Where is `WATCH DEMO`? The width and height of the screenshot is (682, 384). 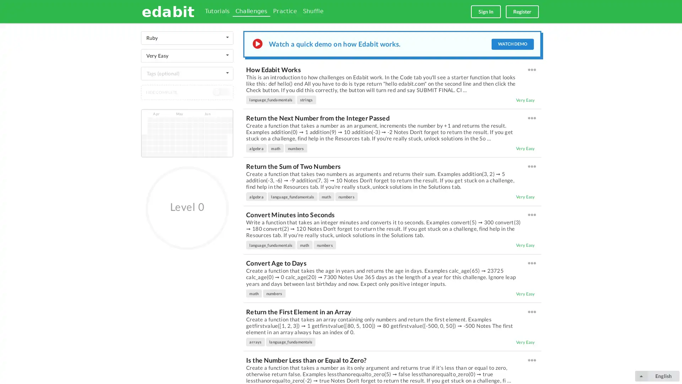 WATCH DEMO is located at coordinates (512, 44).